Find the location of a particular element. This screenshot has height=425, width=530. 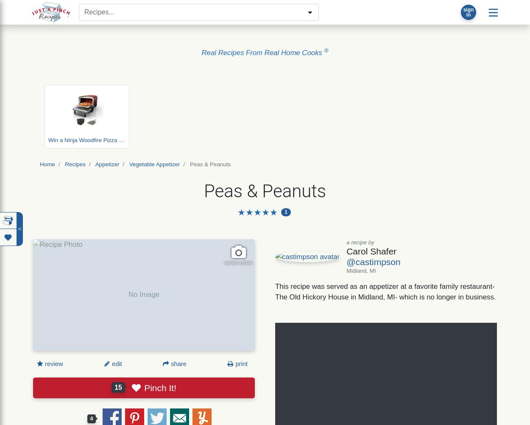

'Recipes' is located at coordinates (75, 164).